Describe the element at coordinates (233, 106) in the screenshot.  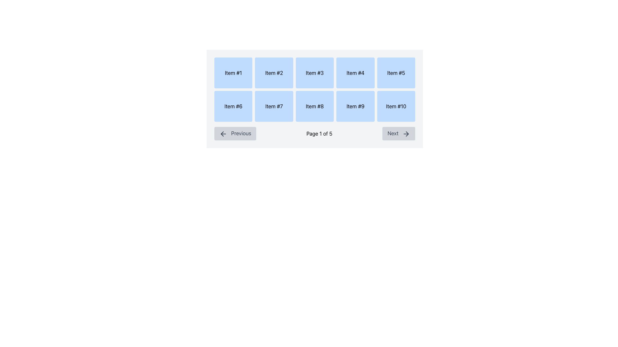
I see `the button labeled 'Item #6', located in the second row, first column of the grid` at that location.